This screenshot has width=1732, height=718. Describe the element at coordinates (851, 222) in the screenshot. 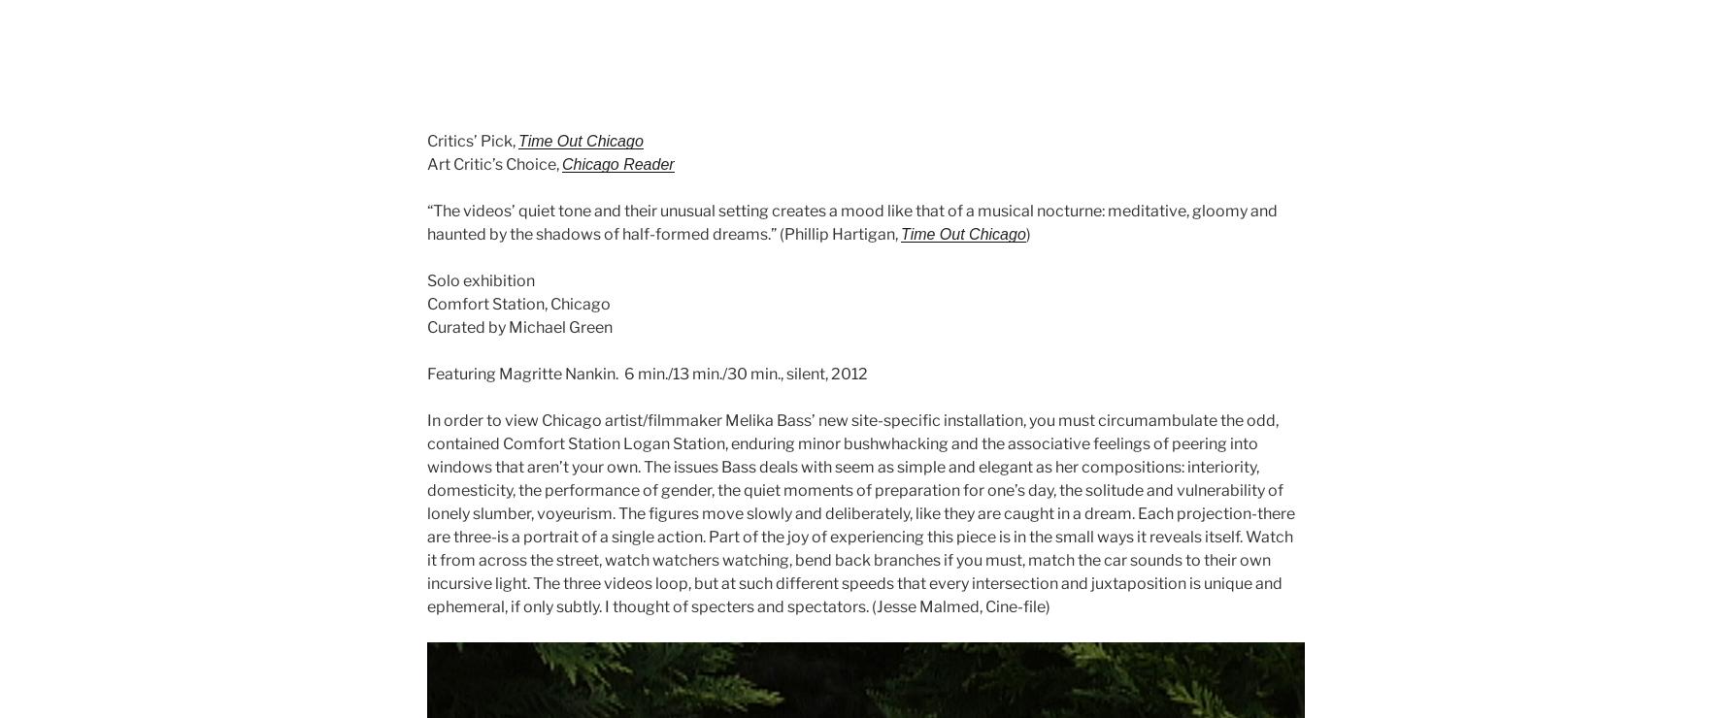

I see `'“The videos’ quiet tone and their unusual setting creates a mood like that of a musical nocturne: meditative, gloomy and haunted by the shadows of half-formed dreams.” (Phillip Hartigan,'` at that location.